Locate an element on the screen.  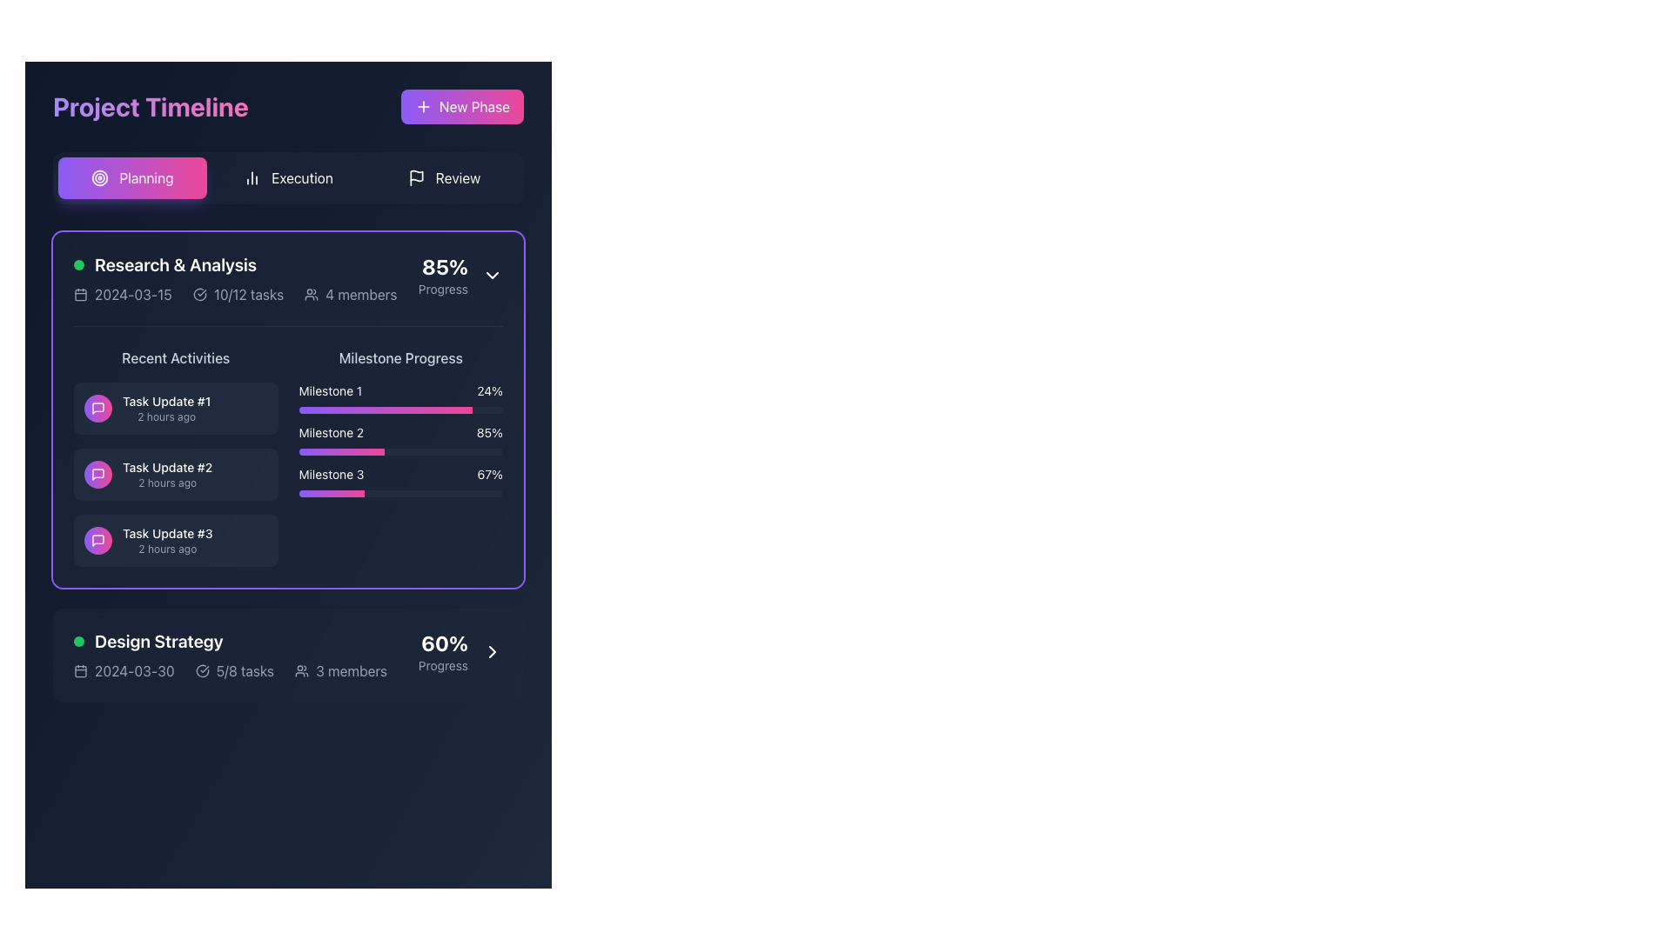
the right-facing chevron icon located next to the '60%' text in the 'Design Strategy' section is located at coordinates (492, 651).